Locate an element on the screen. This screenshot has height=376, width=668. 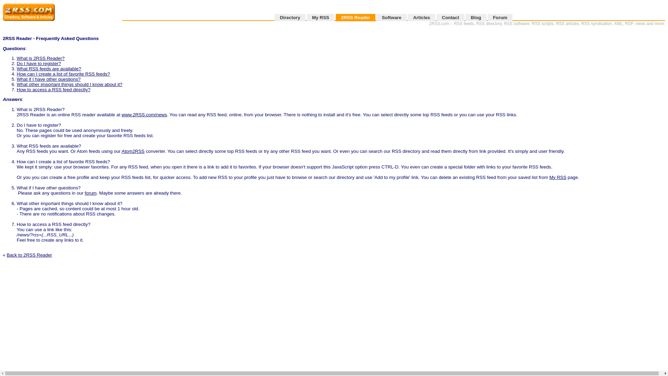
'Software' is located at coordinates (391, 17).